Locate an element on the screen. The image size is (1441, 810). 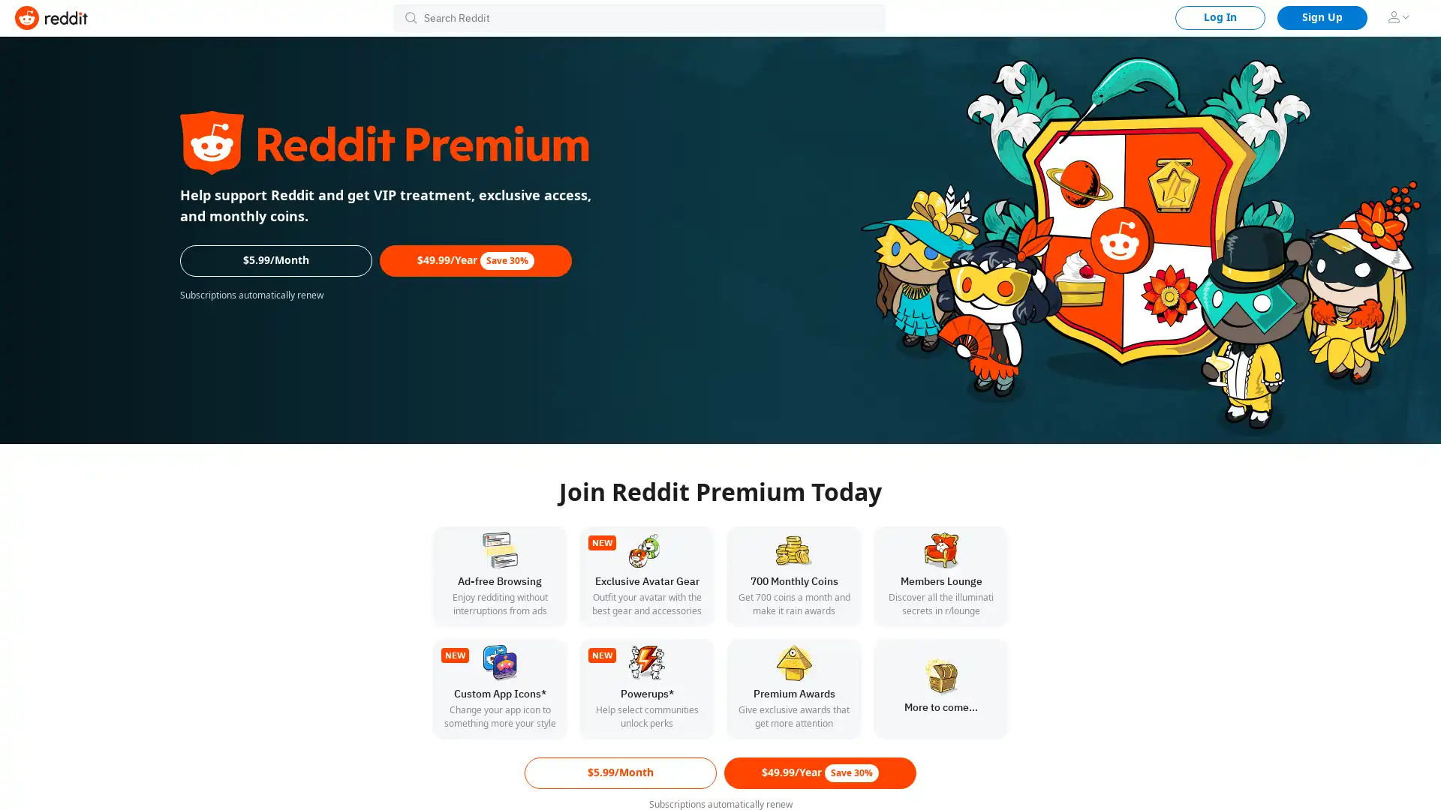
$5.99/Month is located at coordinates (276, 259).